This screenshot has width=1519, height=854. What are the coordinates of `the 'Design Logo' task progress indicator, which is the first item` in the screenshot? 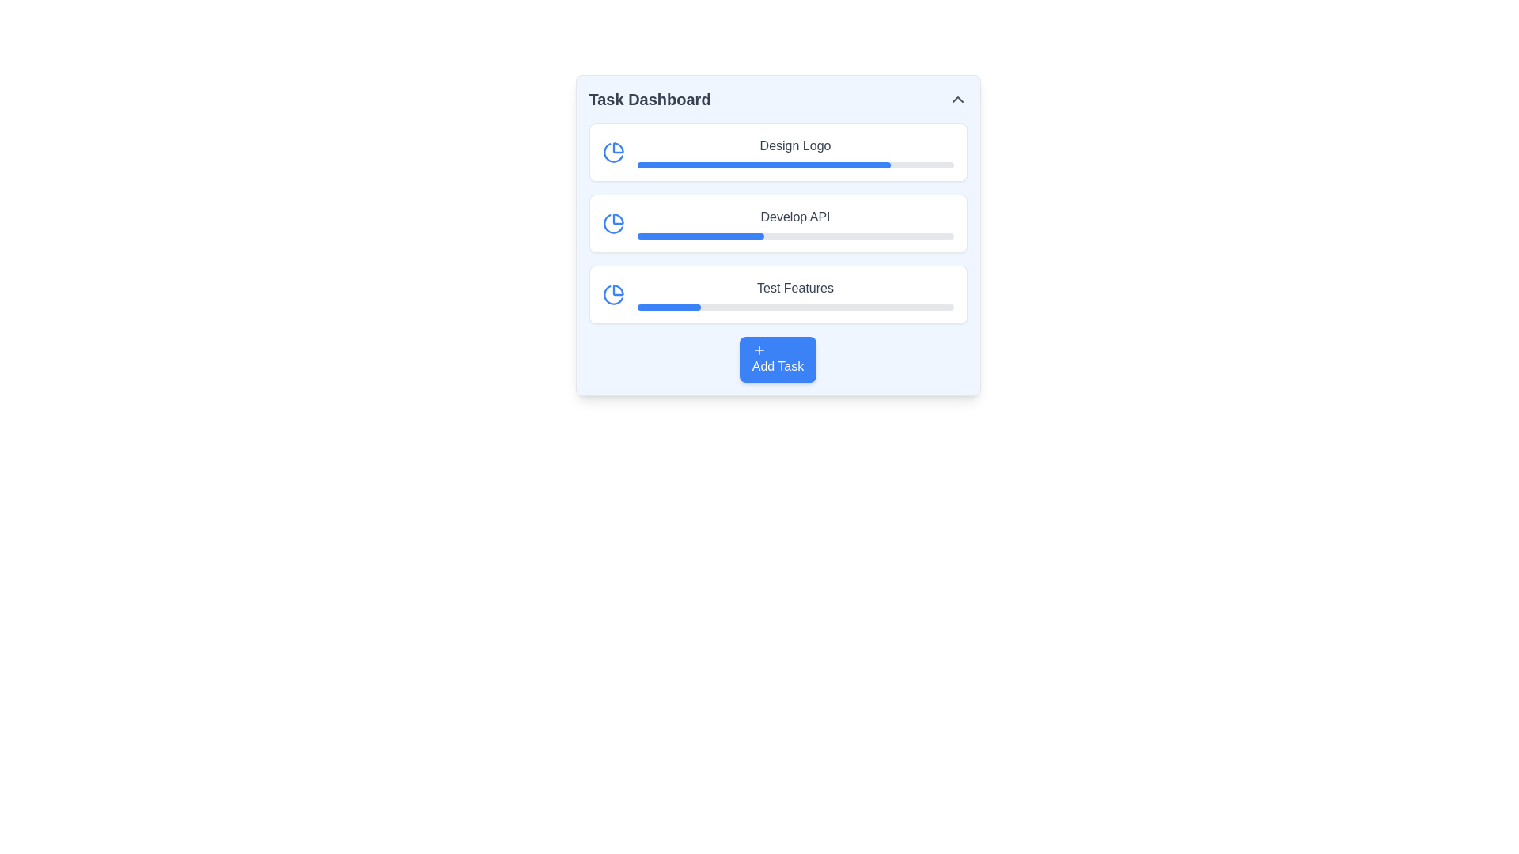 It's located at (795, 152).